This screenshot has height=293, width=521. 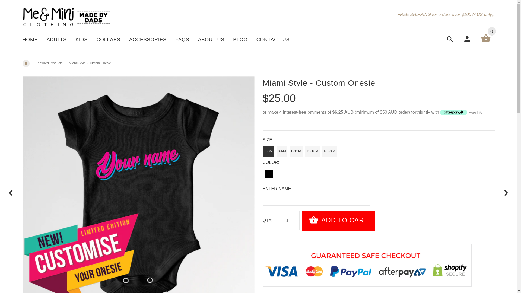 I want to click on 'FAQS', so click(x=182, y=40).